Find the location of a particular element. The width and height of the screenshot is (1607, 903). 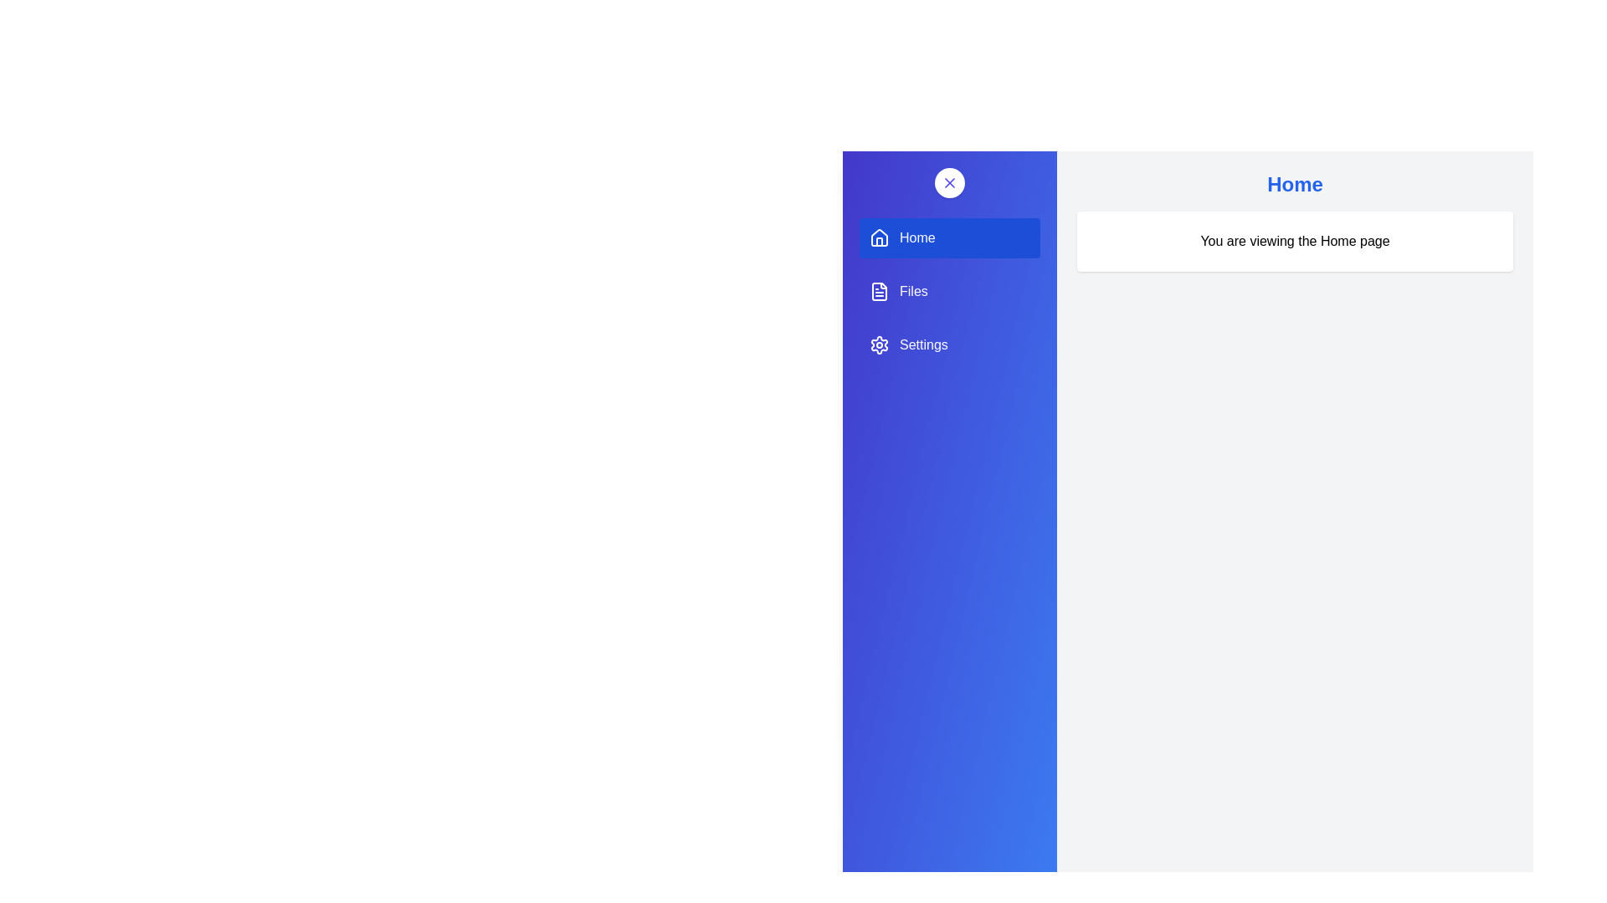

the menu item Home to observe its hover effect is located at coordinates (949, 238).